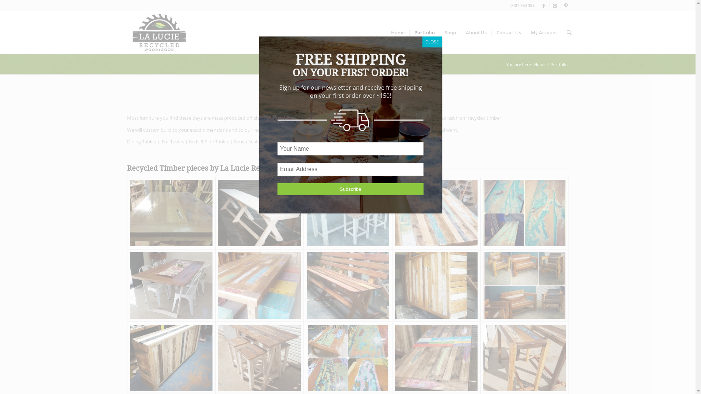 The height and width of the screenshot is (394, 701). Describe the element at coordinates (259, 285) in the screenshot. I see `'Multi Coloured Dining Table with stackable box seats'` at that location.